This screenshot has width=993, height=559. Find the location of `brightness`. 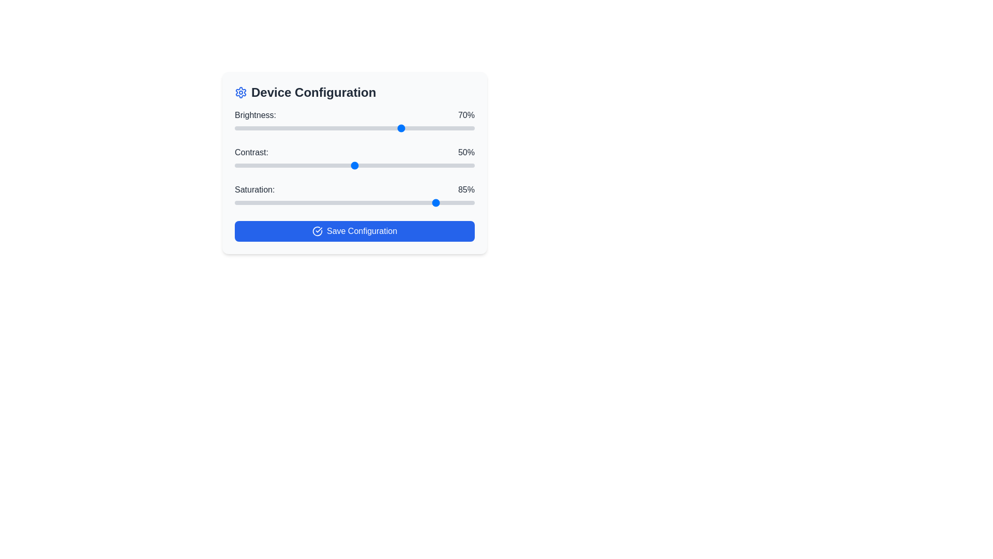

brightness is located at coordinates (306, 127).